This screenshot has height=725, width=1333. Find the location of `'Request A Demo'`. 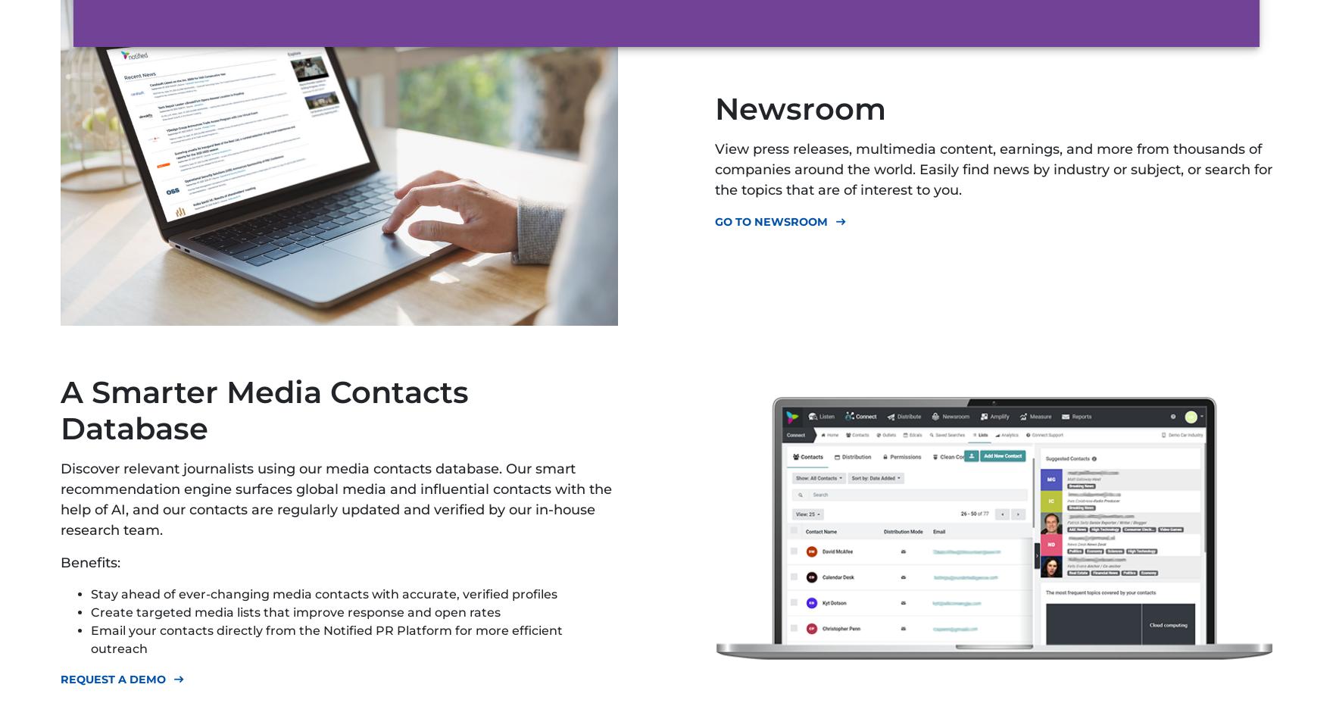

'Request A Demo' is located at coordinates (113, 679).